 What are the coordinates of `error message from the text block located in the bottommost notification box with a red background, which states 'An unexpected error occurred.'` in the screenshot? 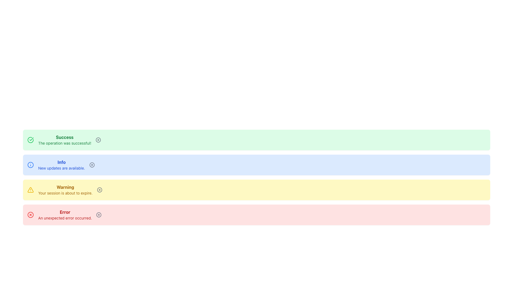 It's located at (65, 214).